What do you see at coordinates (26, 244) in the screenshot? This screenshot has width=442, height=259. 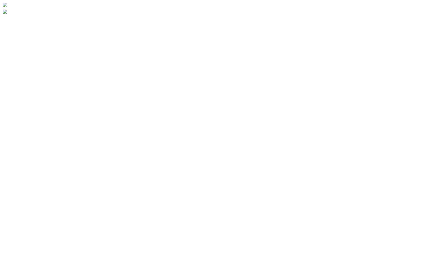 I see `'Buildings Discussion'` at bounding box center [26, 244].